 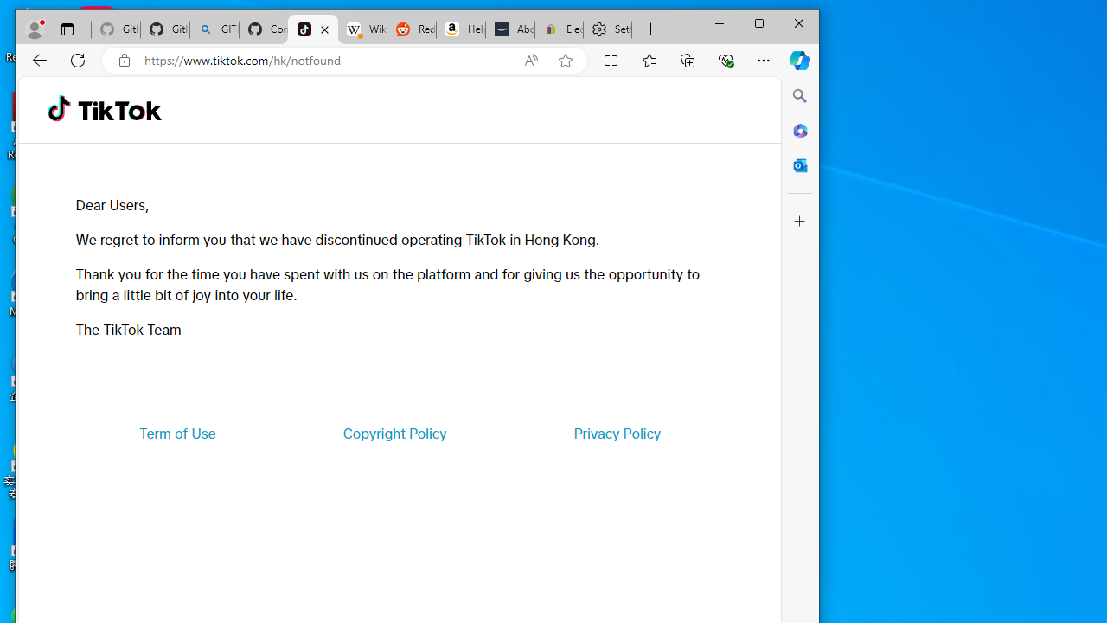 I want to click on 'Help & Contact Us - Amazon Customer Service', so click(x=461, y=29).